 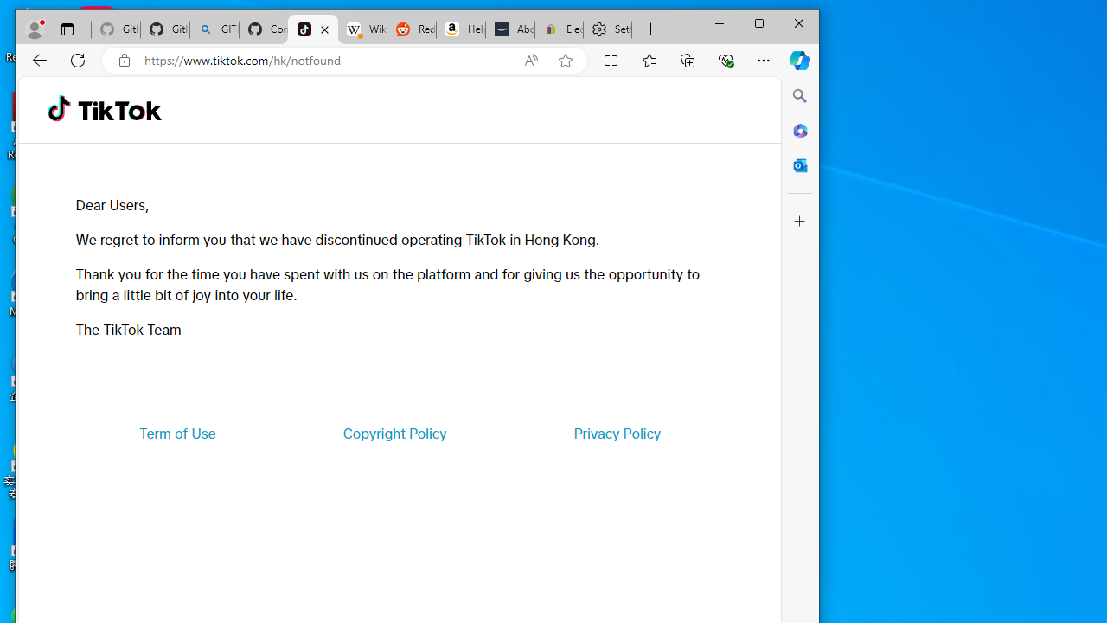 I want to click on 'Help & Contact Us - Amazon Customer Service', so click(x=461, y=29).